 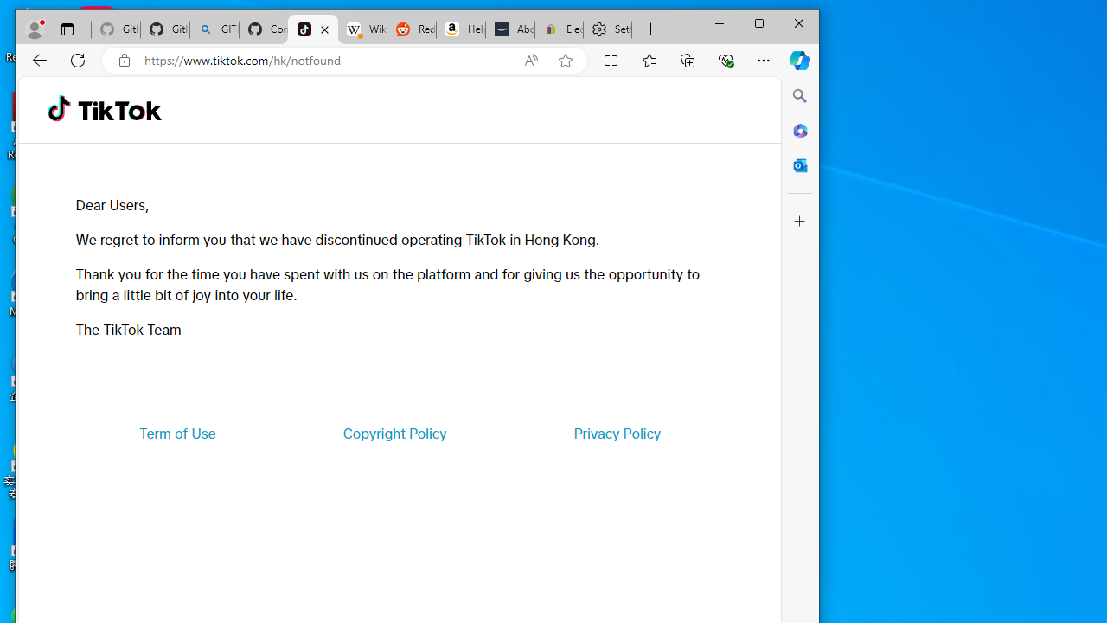 I want to click on 'Help & Contact Us - Amazon Customer Service', so click(x=461, y=29).